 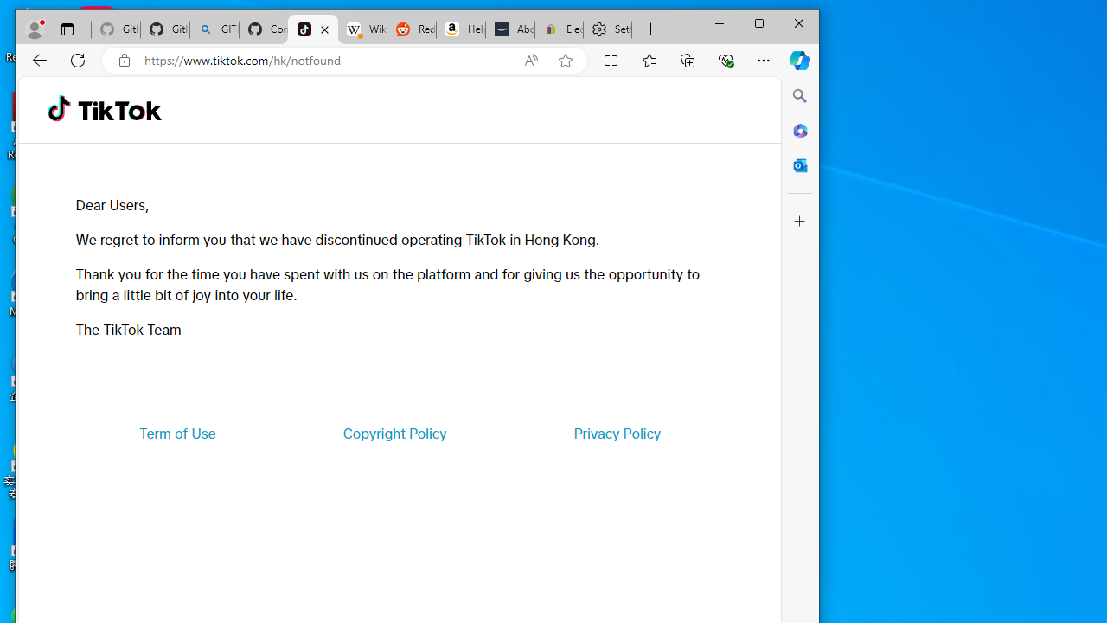 I want to click on 'Help & Contact Us - Amazon Customer Service', so click(x=461, y=29).